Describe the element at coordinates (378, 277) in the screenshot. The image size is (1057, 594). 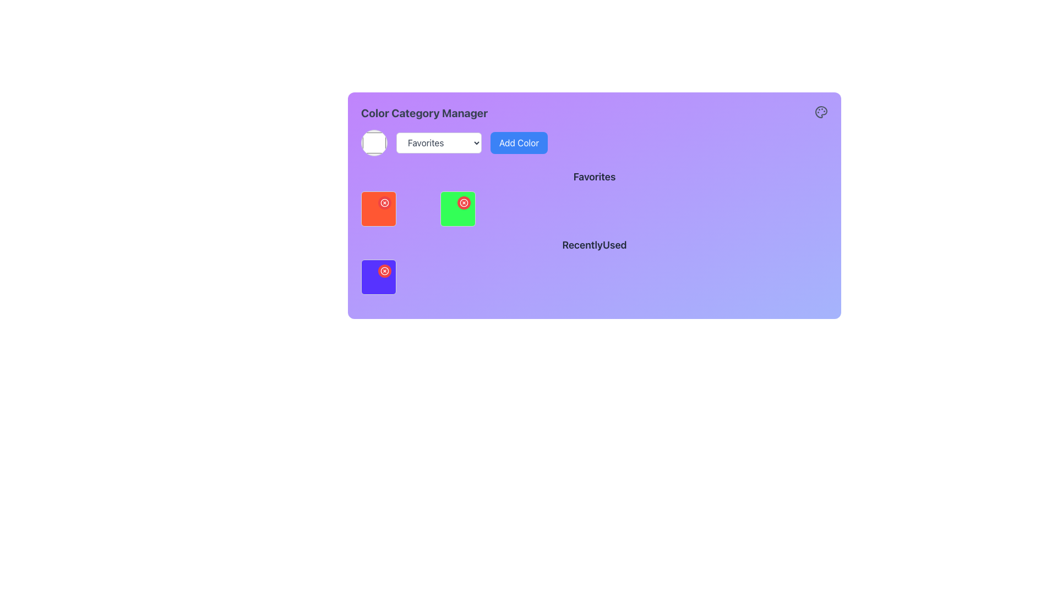
I see `the embedded interactive button located in the top-right corner of the square selection box` at that location.